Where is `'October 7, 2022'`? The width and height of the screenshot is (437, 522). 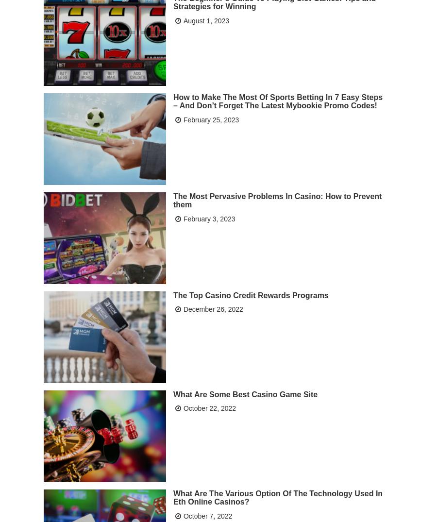 'October 7, 2022' is located at coordinates (207, 515).